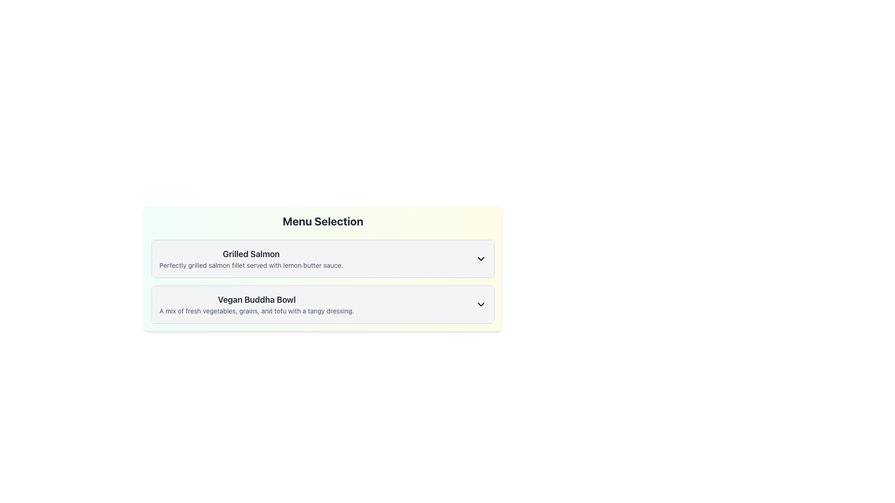 The image size is (895, 503). Describe the element at coordinates (323, 258) in the screenshot. I see `the Dropdown menu item labeled 'Grilled Salmon'` at that location.